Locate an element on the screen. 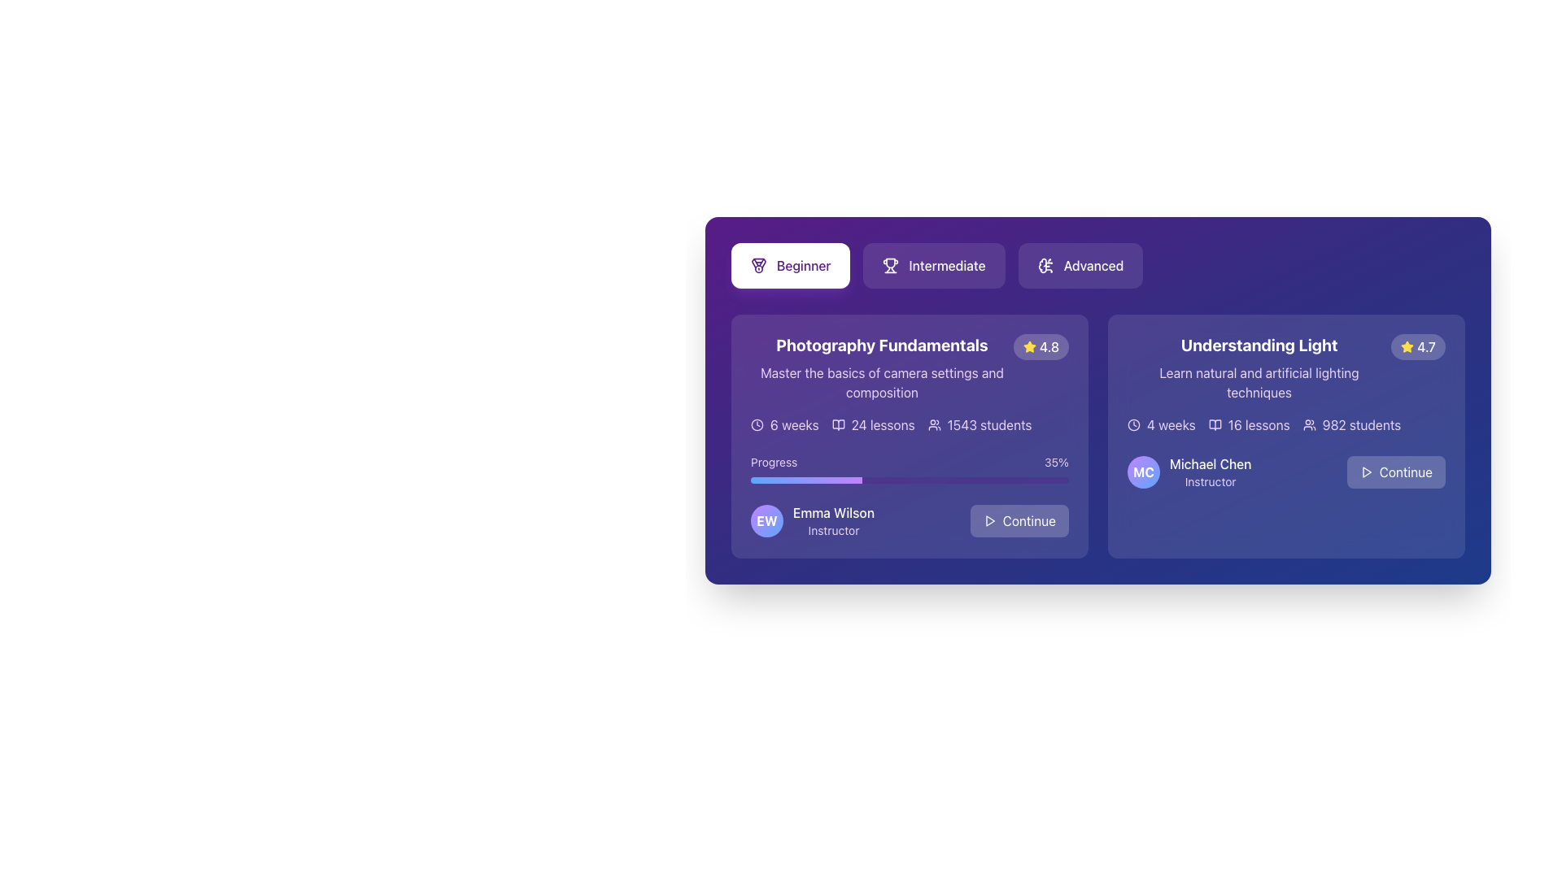  the purple medal icon located in the 'Beginner' tab, positioned to the left of the text 'Beginner' is located at coordinates (757, 265).